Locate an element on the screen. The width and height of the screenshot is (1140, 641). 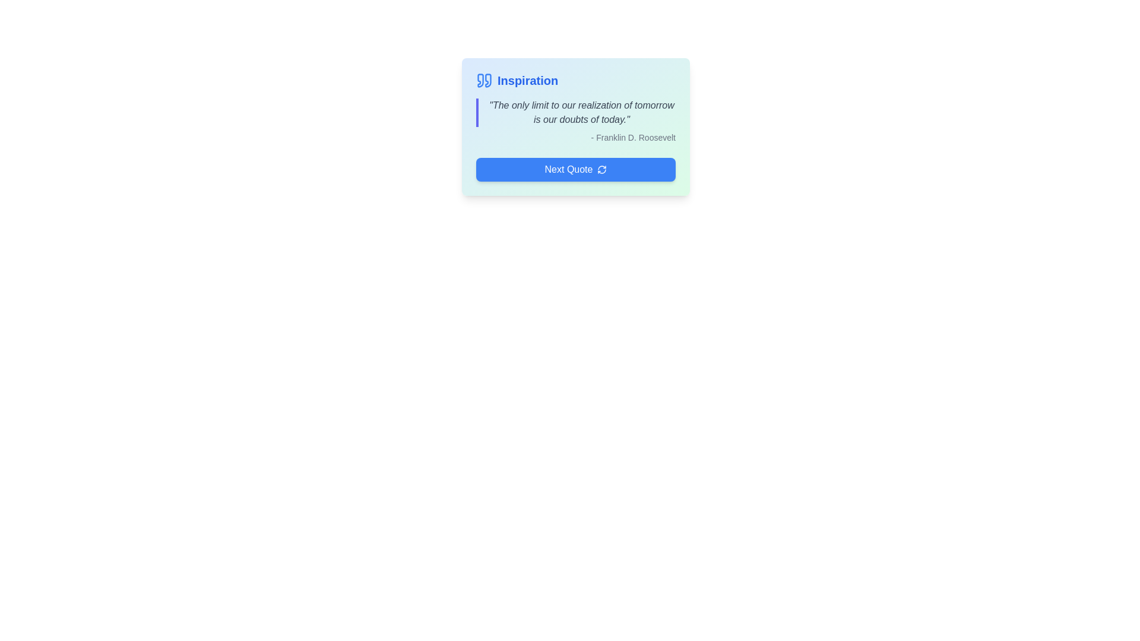
the italicized gray text block bordered by an indigo stripe, located below the 'Inspiration' title and above the author's name '- Franklin D. Roosevelt' is located at coordinates (575, 112).